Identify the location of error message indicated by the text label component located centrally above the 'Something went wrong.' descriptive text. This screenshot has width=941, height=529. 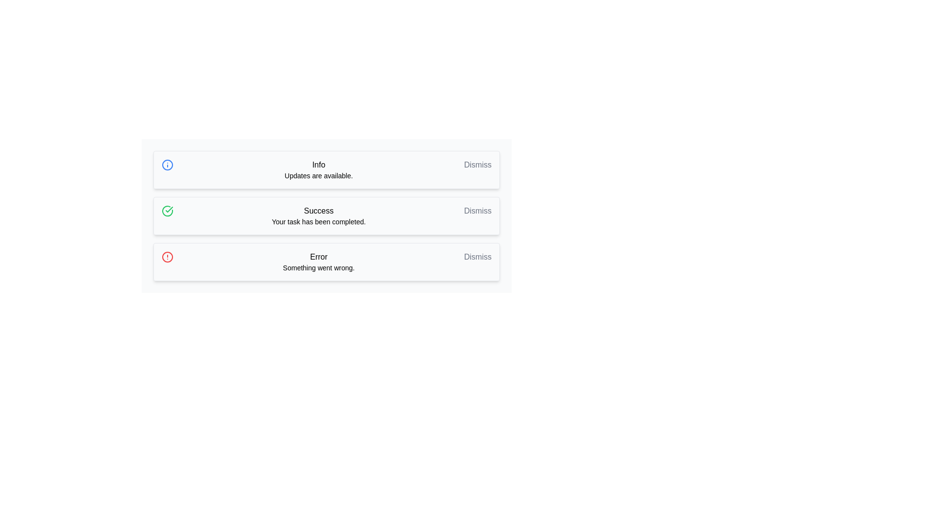
(319, 256).